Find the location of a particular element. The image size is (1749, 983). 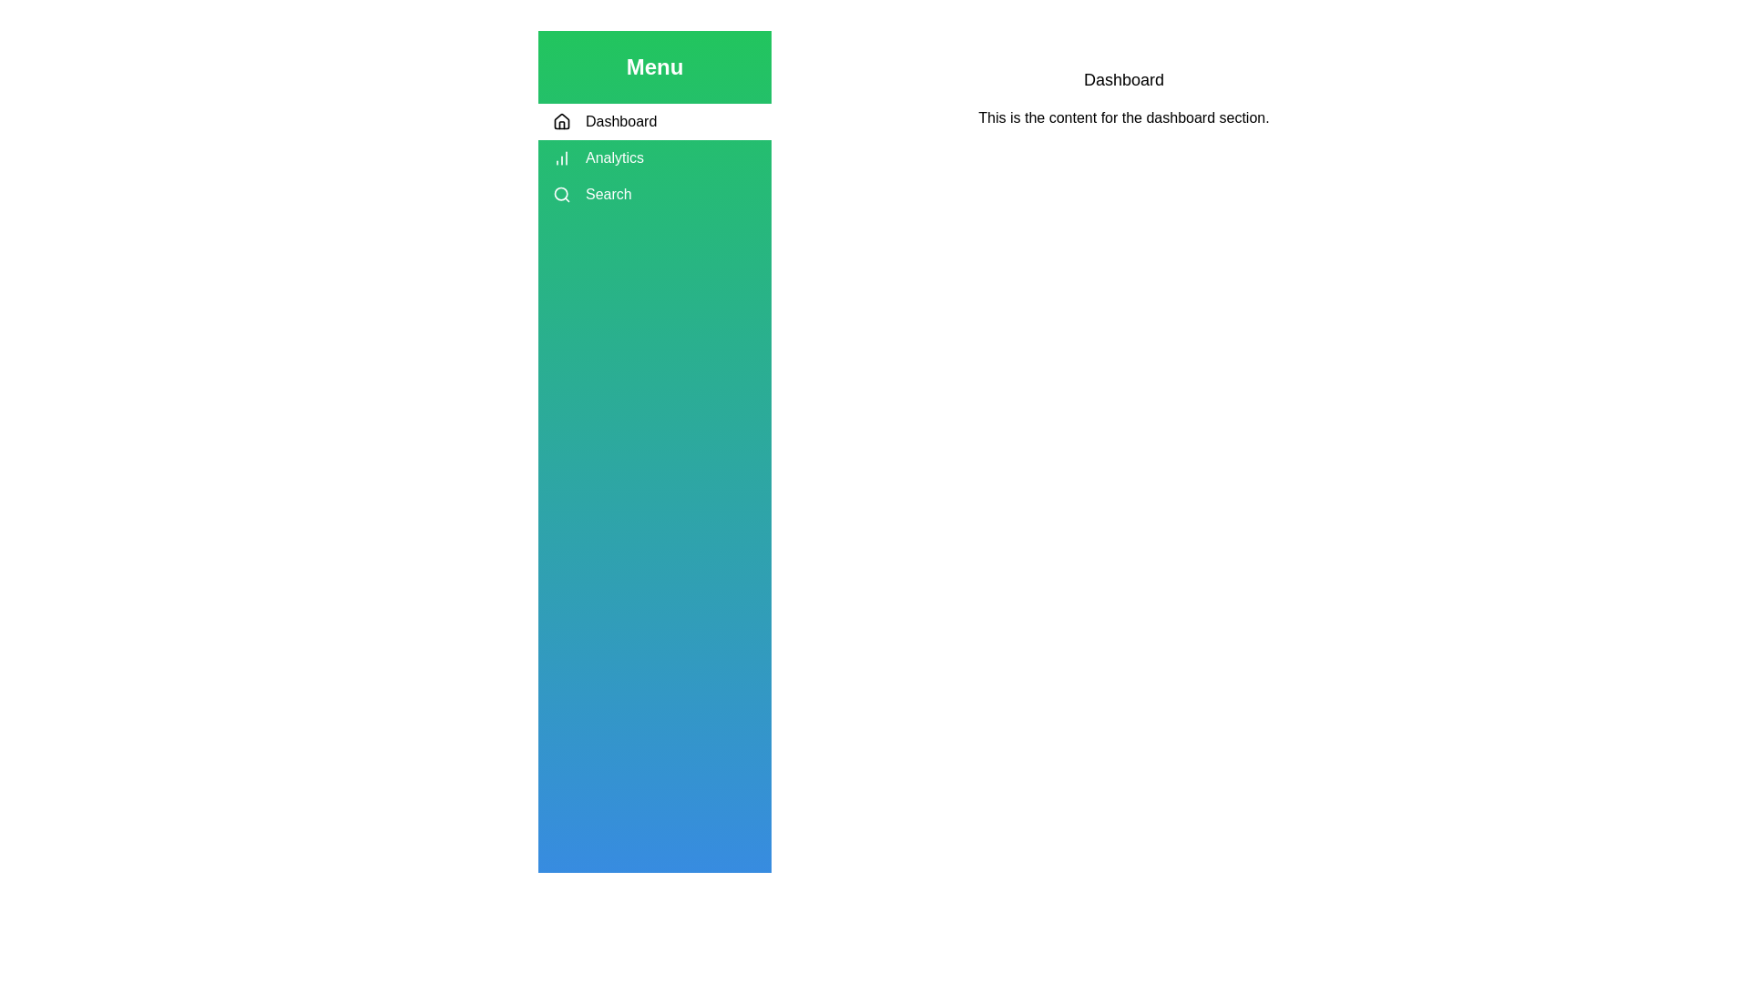

the Search tab to switch the active content is located at coordinates (655, 194).